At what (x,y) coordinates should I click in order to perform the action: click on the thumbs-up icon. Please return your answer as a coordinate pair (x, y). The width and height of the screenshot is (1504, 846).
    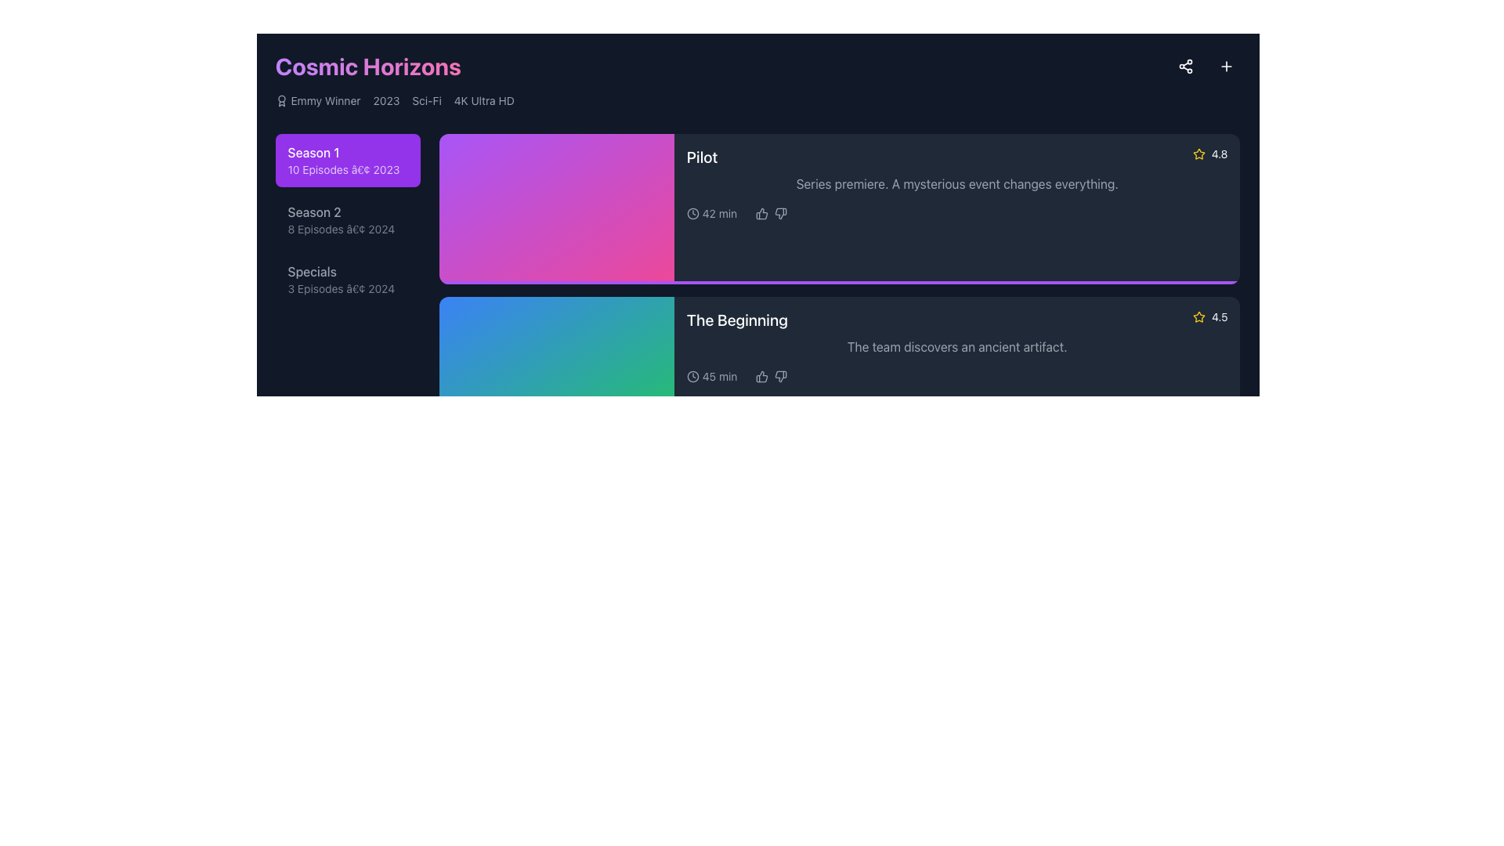
    Looking at the image, I should click on (762, 377).